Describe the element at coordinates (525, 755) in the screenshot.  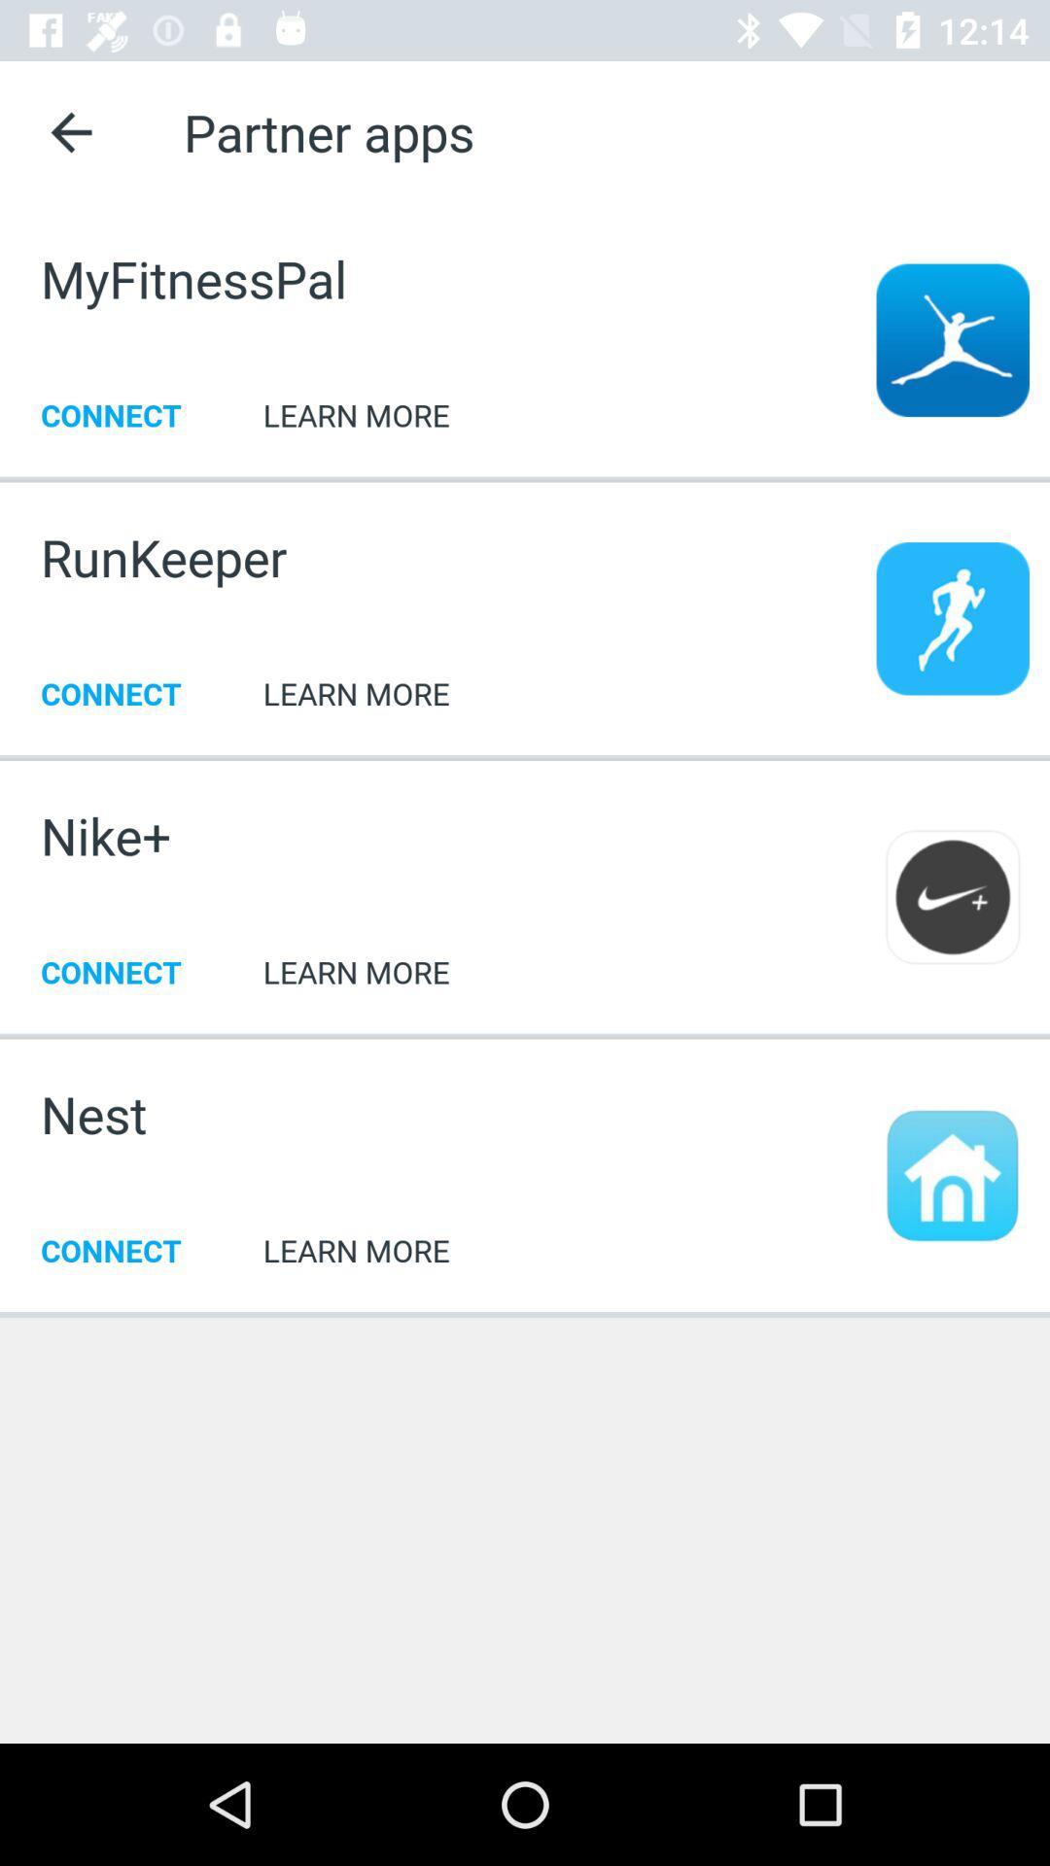
I see `the item below connect` at that location.